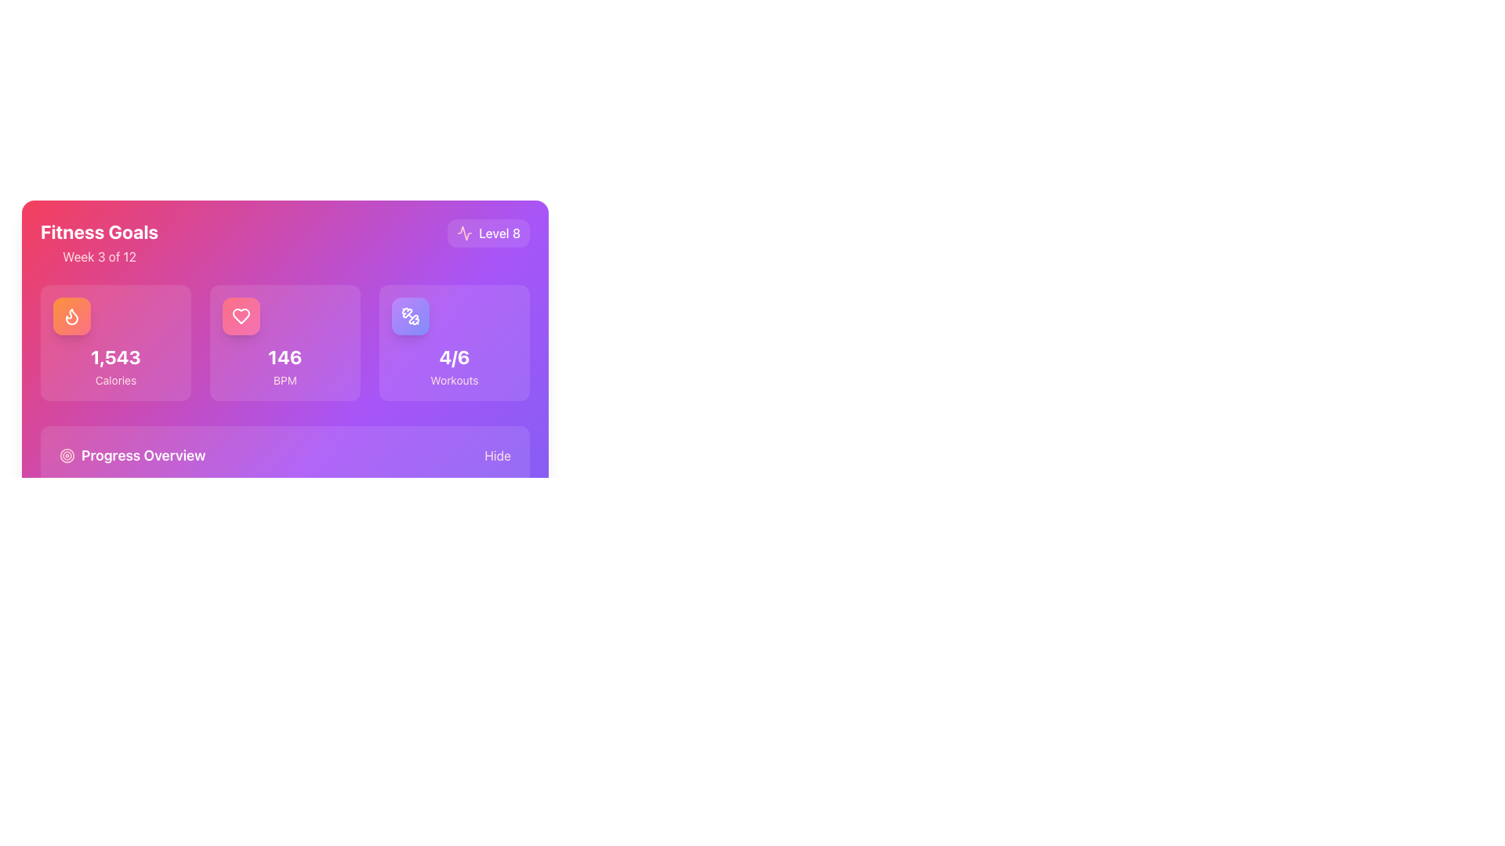  I want to click on the text label displaying 'BPM' in a small rose-pink font, located beneath the bold numerical value '146' within the center panel, so click(285, 381).